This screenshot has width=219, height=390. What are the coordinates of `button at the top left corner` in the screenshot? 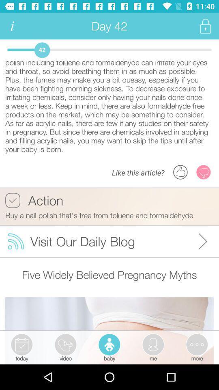 It's located at (12, 26).